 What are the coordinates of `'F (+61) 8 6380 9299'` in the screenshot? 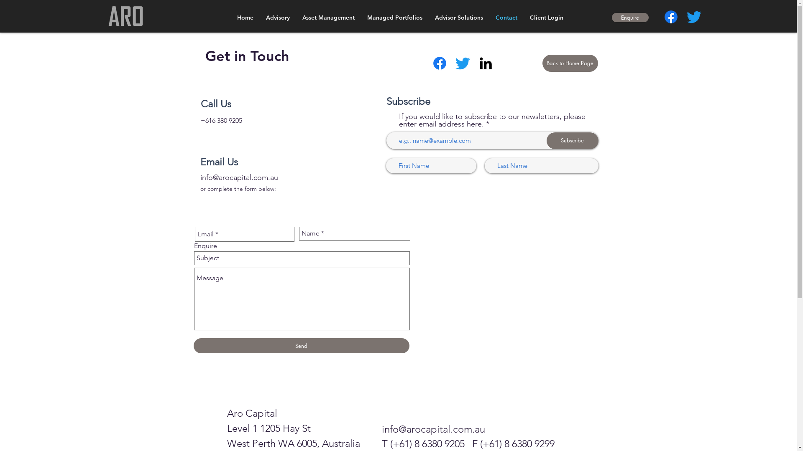 It's located at (472, 443).